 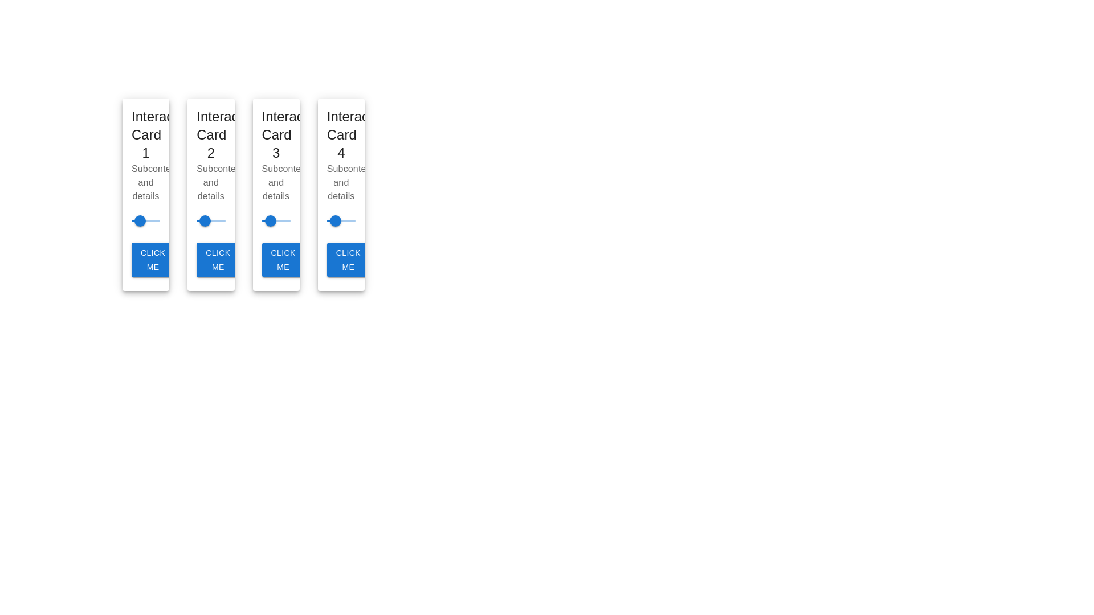 What do you see at coordinates (204, 221) in the screenshot?
I see `the slider` at bounding box center [204, 221].